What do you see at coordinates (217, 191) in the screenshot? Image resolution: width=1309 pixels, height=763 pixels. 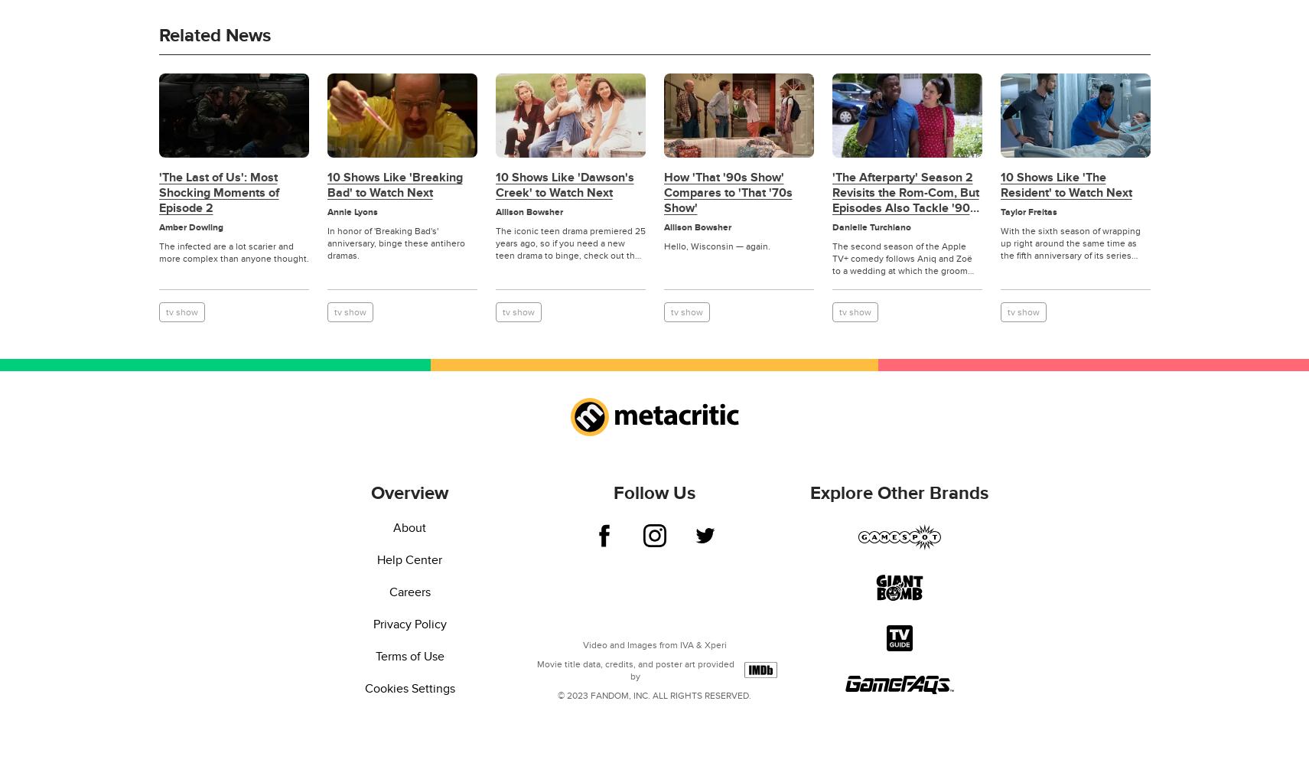 I see `''The Last of Us': Most Shocking Moments of Episode 2'` at bounding box center [217, 191].